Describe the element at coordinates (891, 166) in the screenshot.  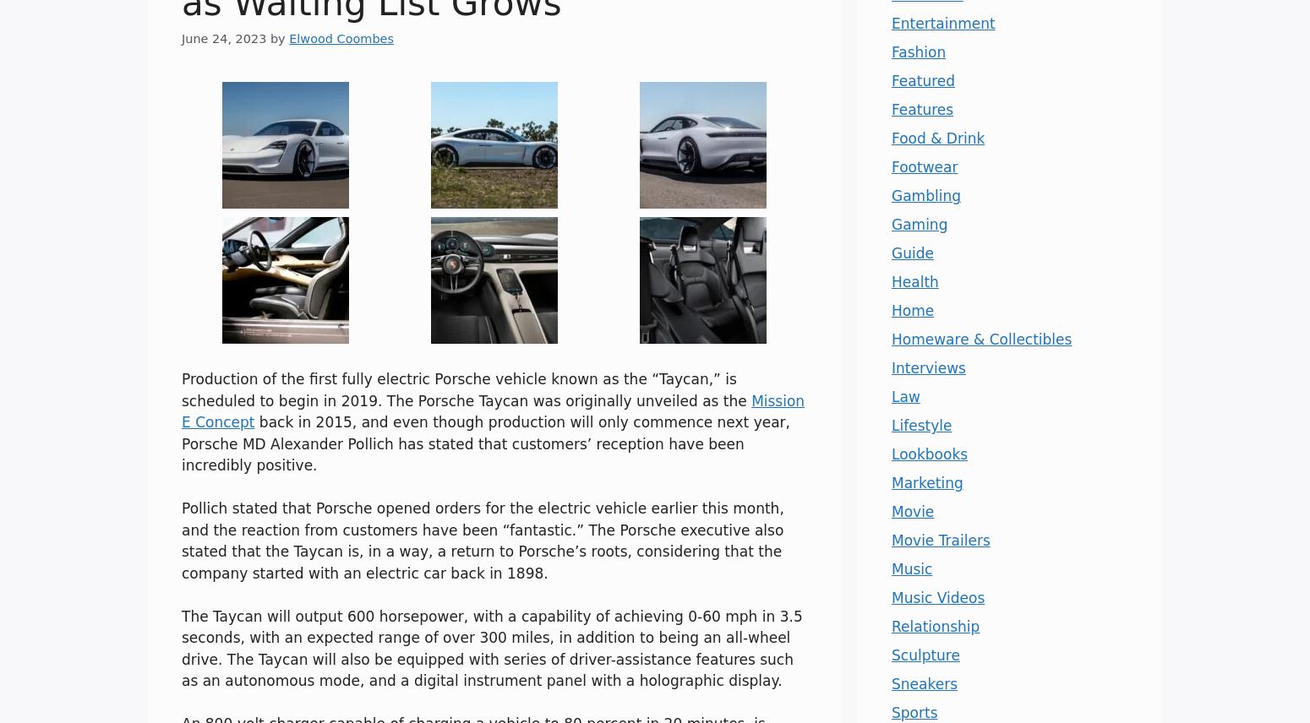
I see `'Footwear'` at that location.